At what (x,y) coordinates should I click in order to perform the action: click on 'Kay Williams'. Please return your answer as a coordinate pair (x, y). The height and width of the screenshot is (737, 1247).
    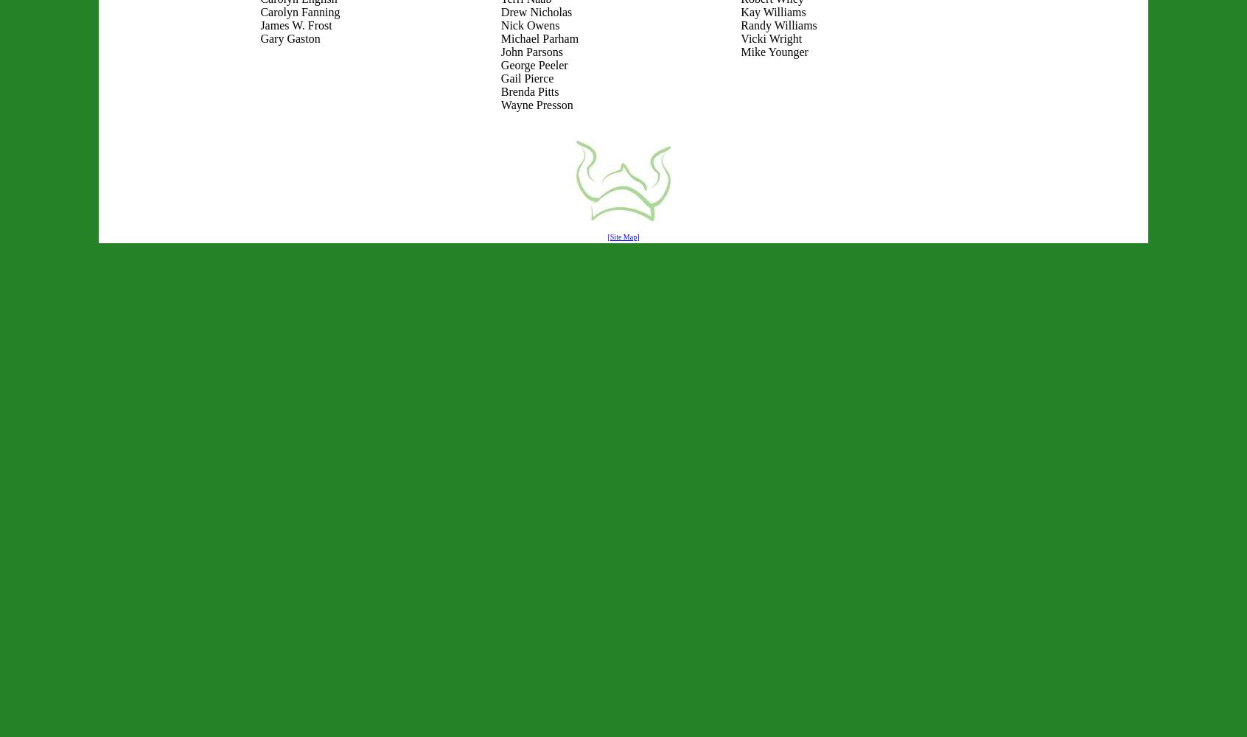
    Looking at the image, I should click on (772, 12).